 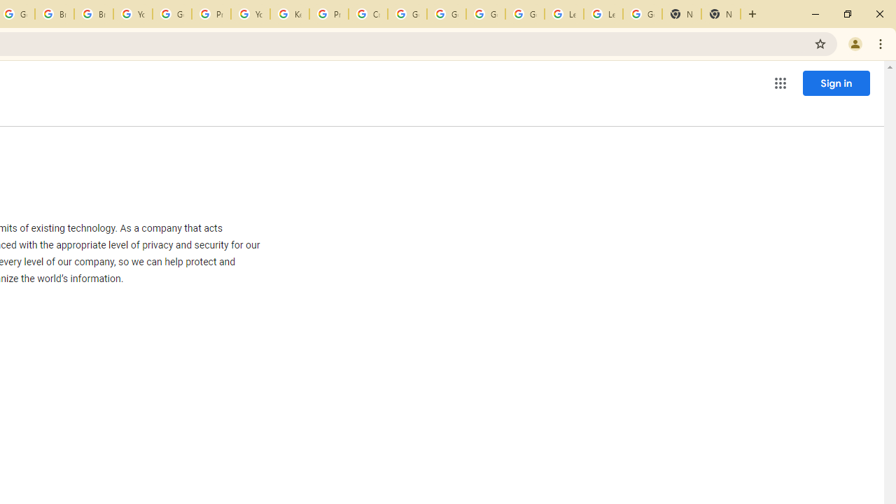 What do you see at coordinates (55, 14) in the screenshot?
I see `'Brand Resource Center'` at bounding box center [55, 14].